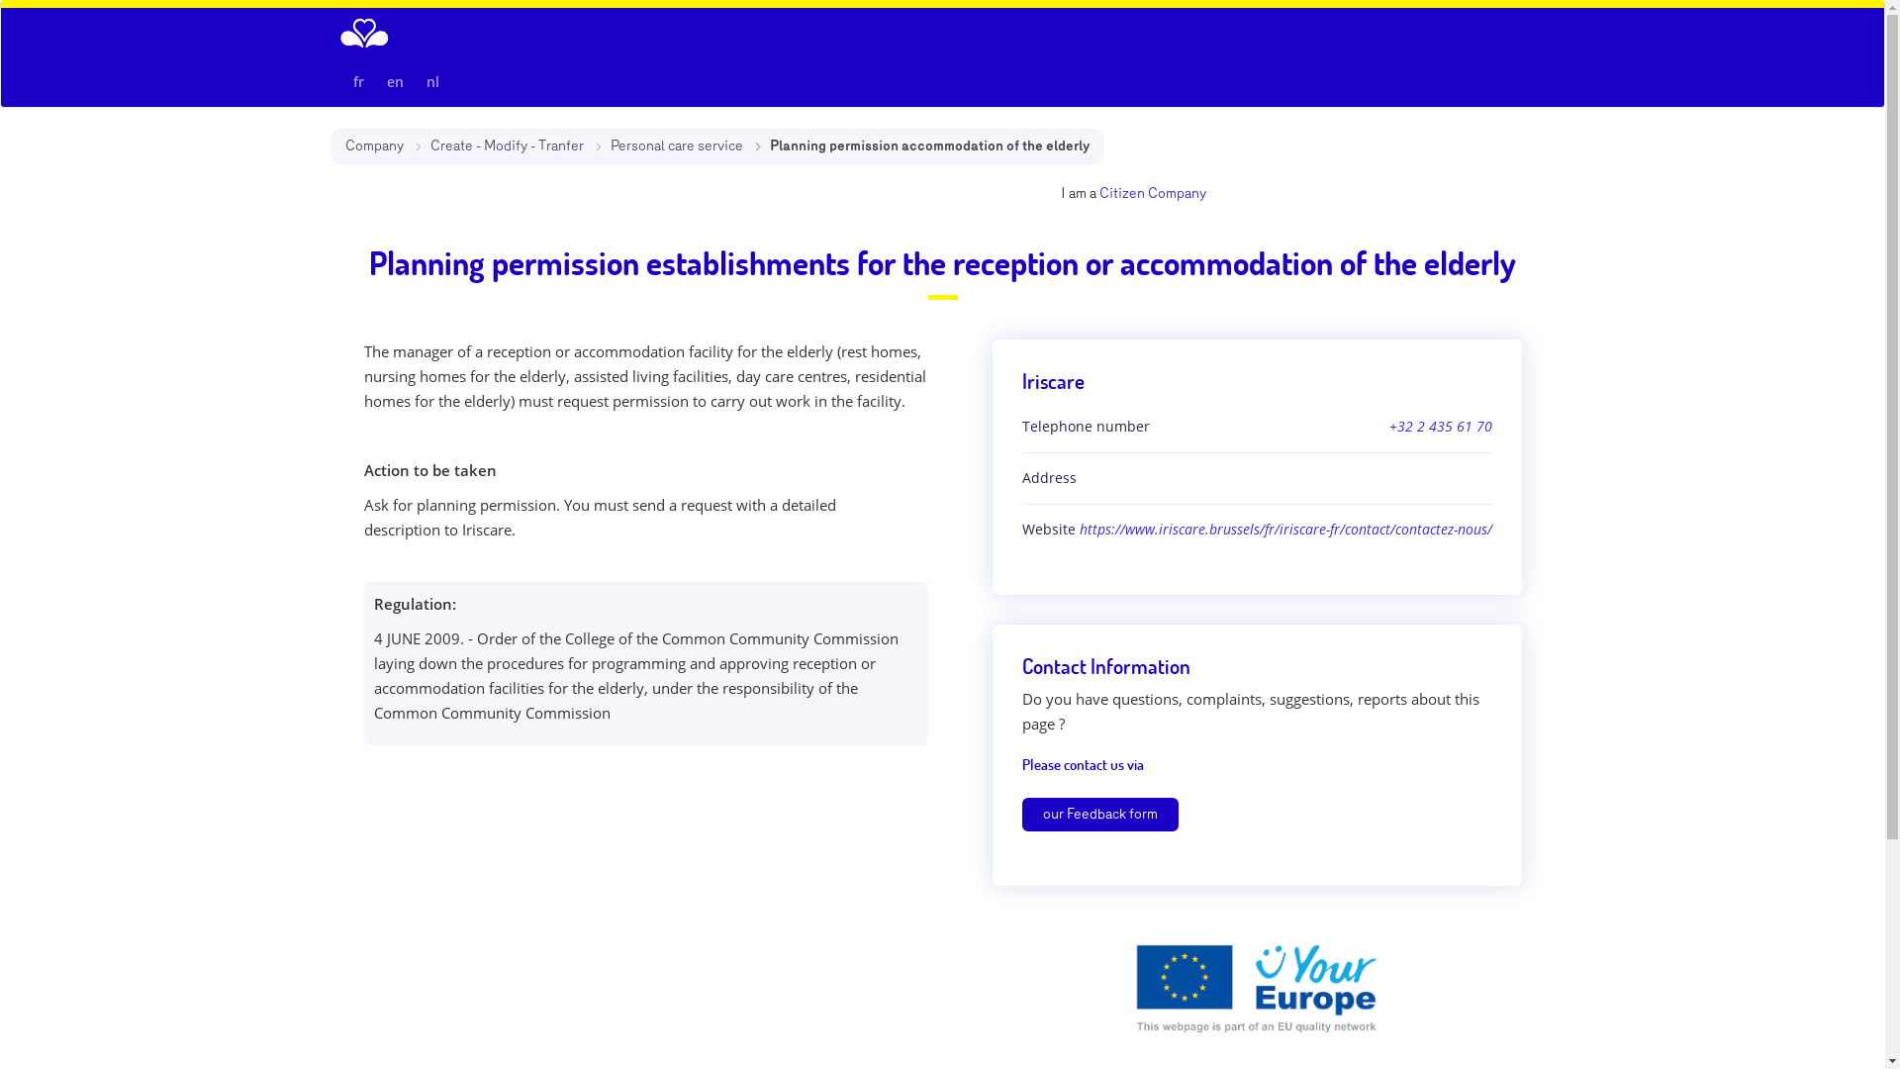 The width and height of the screenshot is (1900, 1069). What do you see at coordinates (1440, 426) in the screenshot?
I see `'+32 2 435 61 70'` at bounding box center [1440, 426].